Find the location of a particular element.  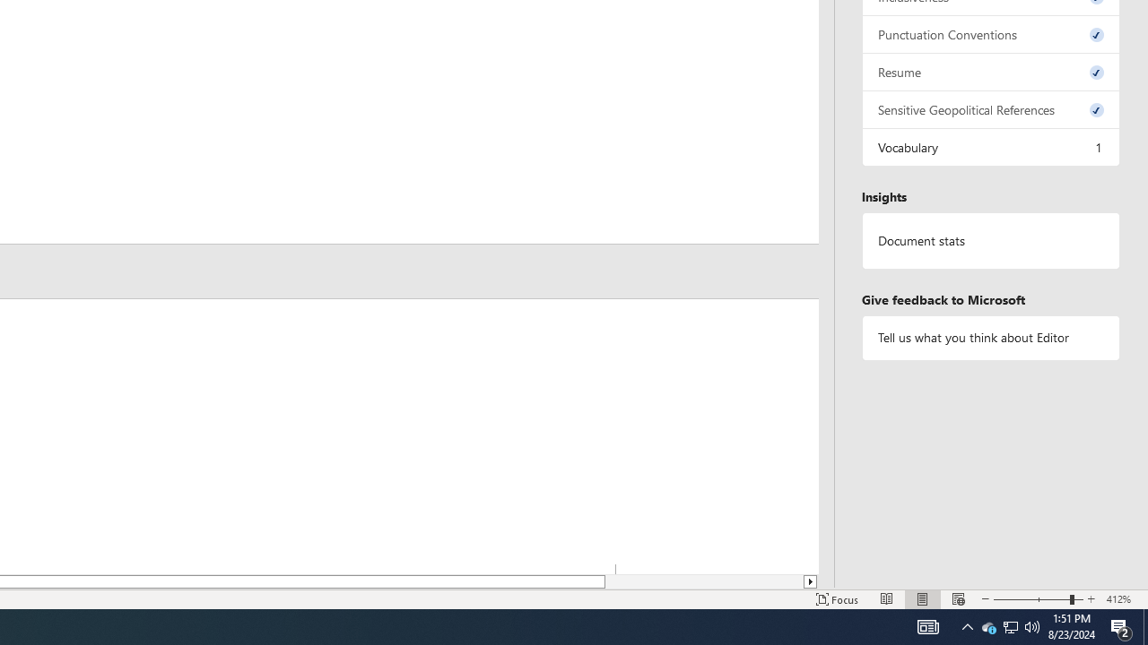

'Zoom' is located at coordinates (1039, 599).